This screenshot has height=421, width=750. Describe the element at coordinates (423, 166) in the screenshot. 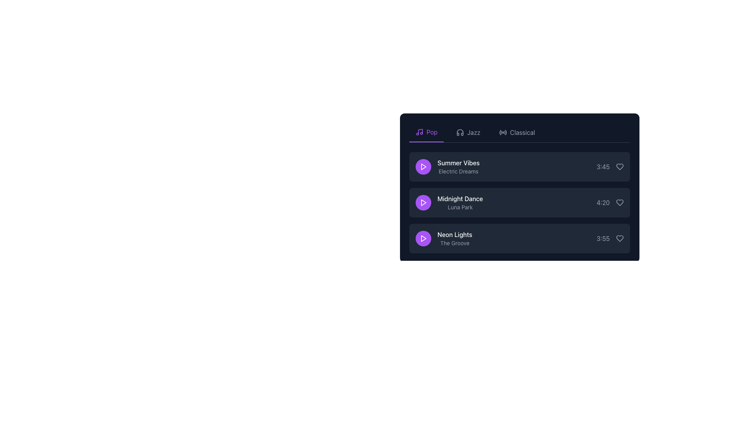

I see `the play button located to the left of the text 'Summer Vibes' in the first list item of the music playlist` at that location.